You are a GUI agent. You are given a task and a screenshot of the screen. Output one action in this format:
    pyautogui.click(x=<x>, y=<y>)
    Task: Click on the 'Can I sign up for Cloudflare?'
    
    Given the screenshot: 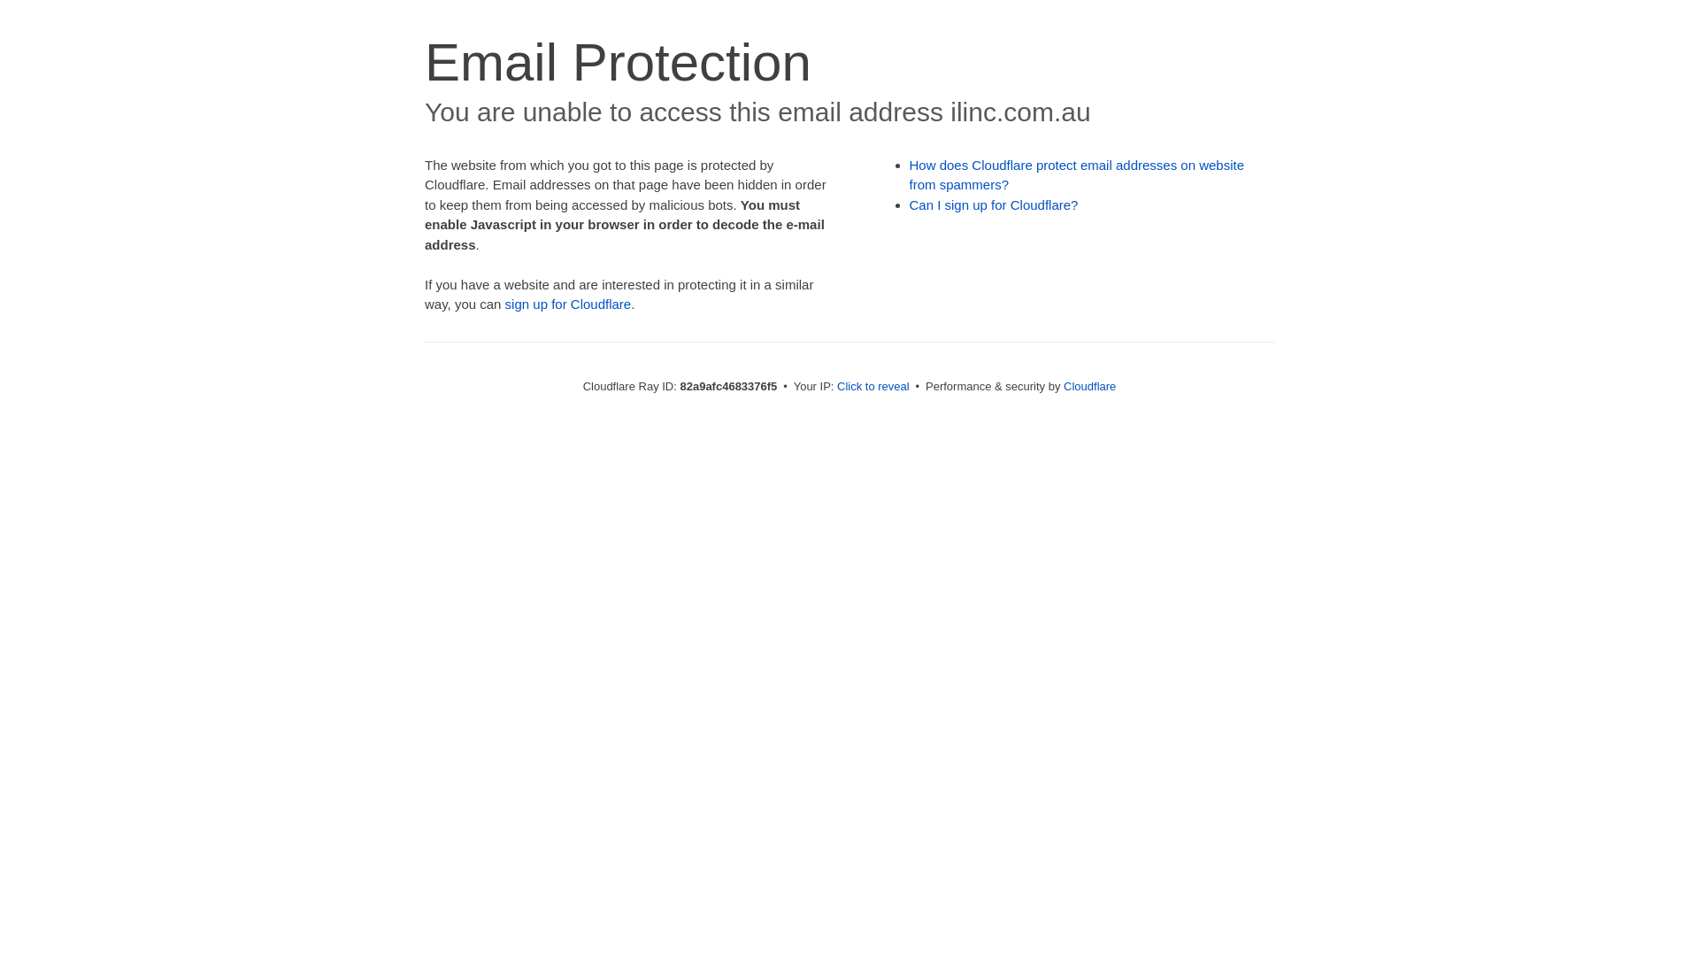 What is the action you would take?
    pyautogui.click(x=994, y=204)
    